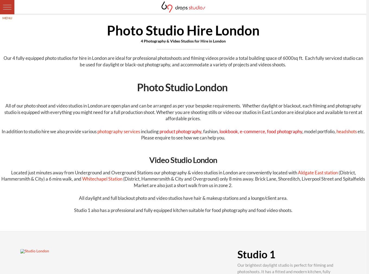  I want to click on 'Each fully serviced studio can be used for daylight or black-out photography, and accommodate a variety of projects and videos shoots.', so click(221, 61).